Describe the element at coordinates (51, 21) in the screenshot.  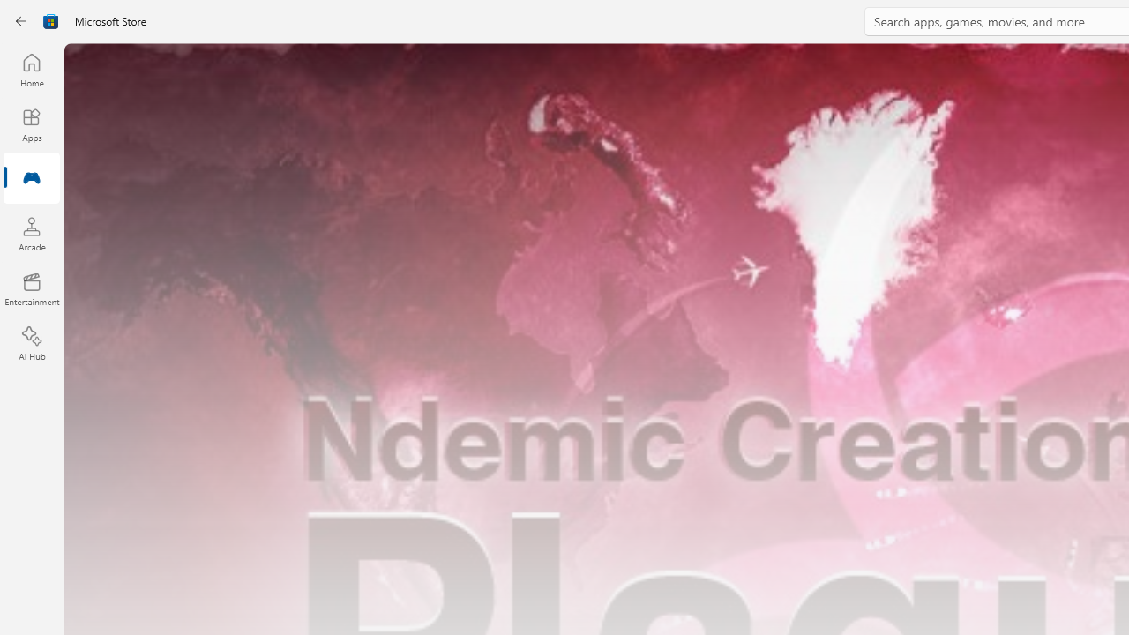
I see `'Class: Image'` at that location.